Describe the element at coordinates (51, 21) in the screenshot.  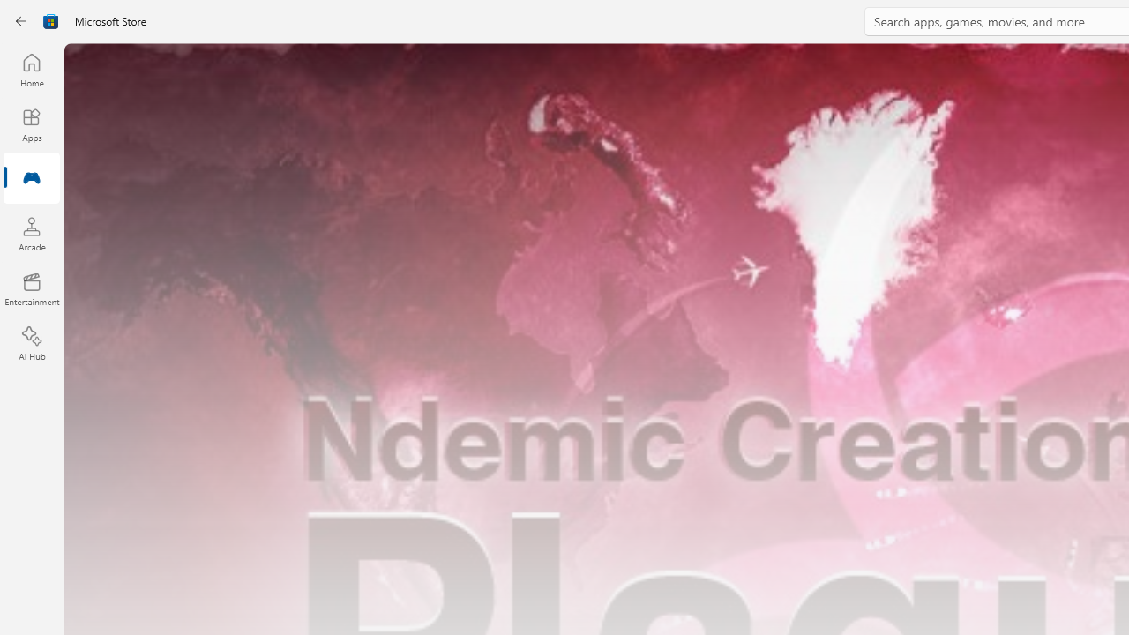
I see `'Class: Image'` at that location.